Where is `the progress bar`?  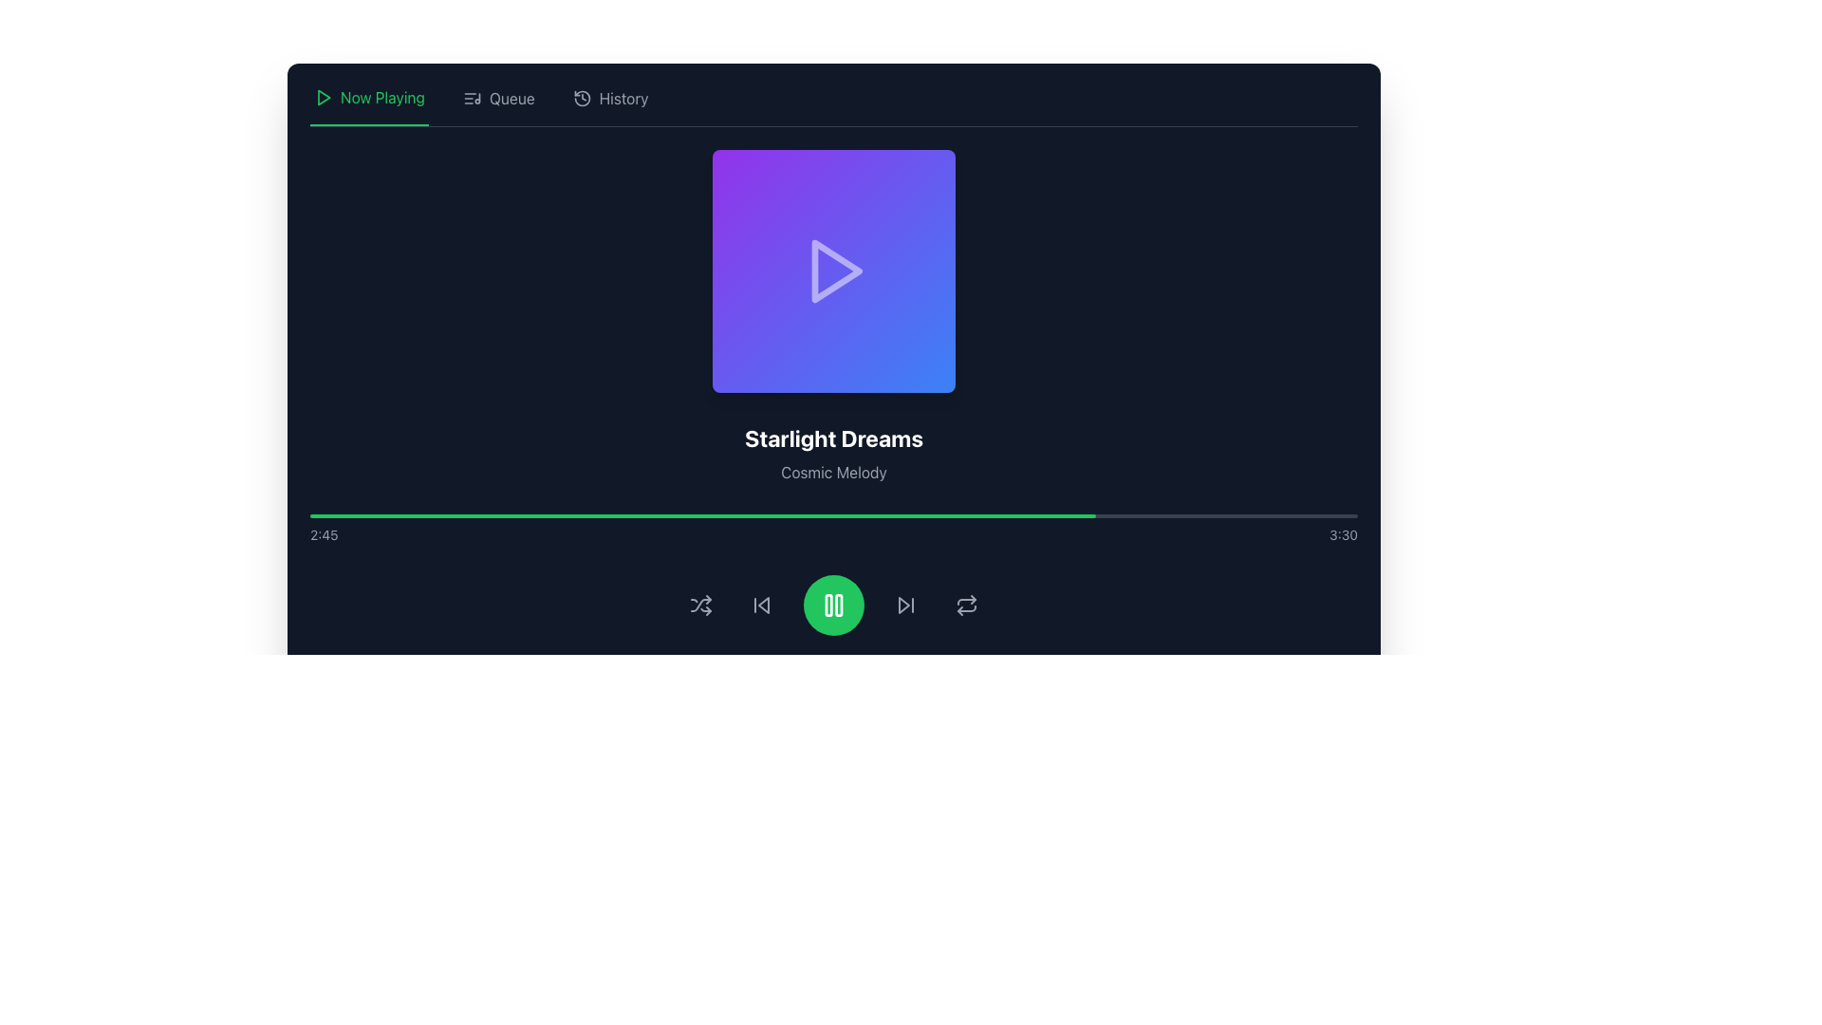 the progress bar is located at coordinates (1168, 515).